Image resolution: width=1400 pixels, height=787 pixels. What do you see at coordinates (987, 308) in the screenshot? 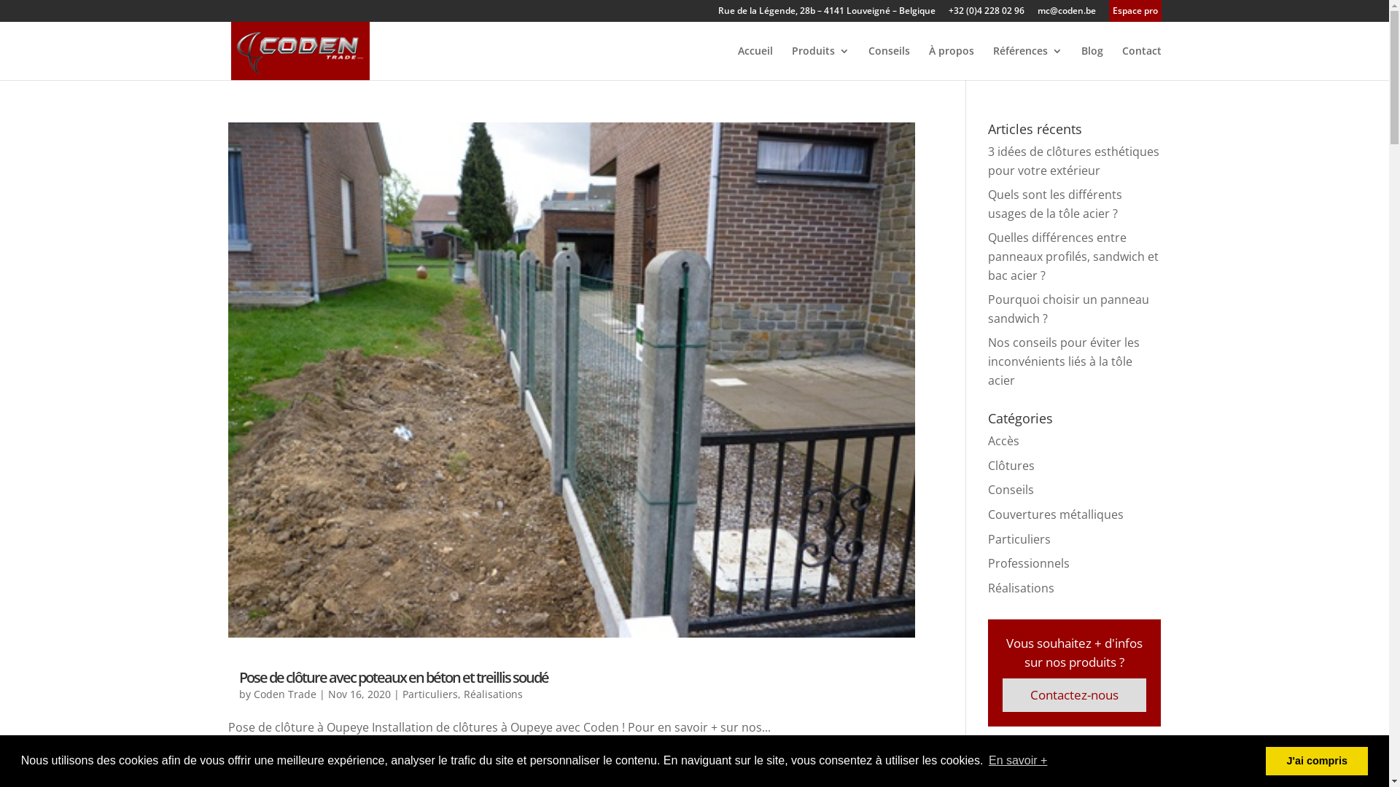
I see `'Pourquoi choisir un panneau sandwich ?'` at bounding box center [987, 308].